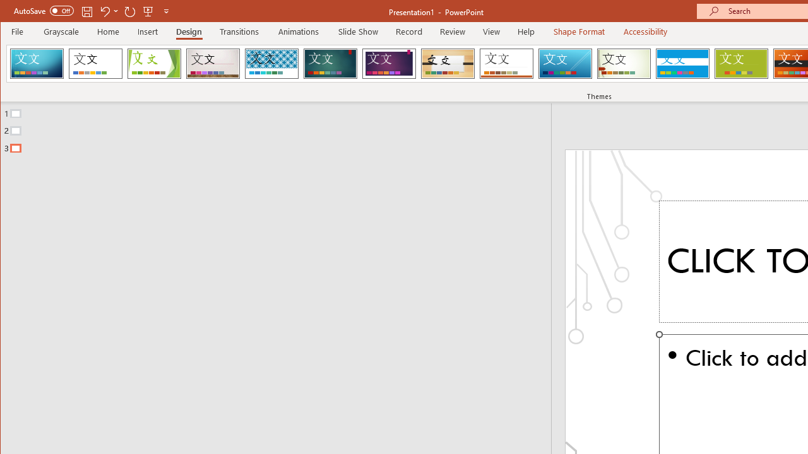  I want to click on 'Undo', so click(109, 11).